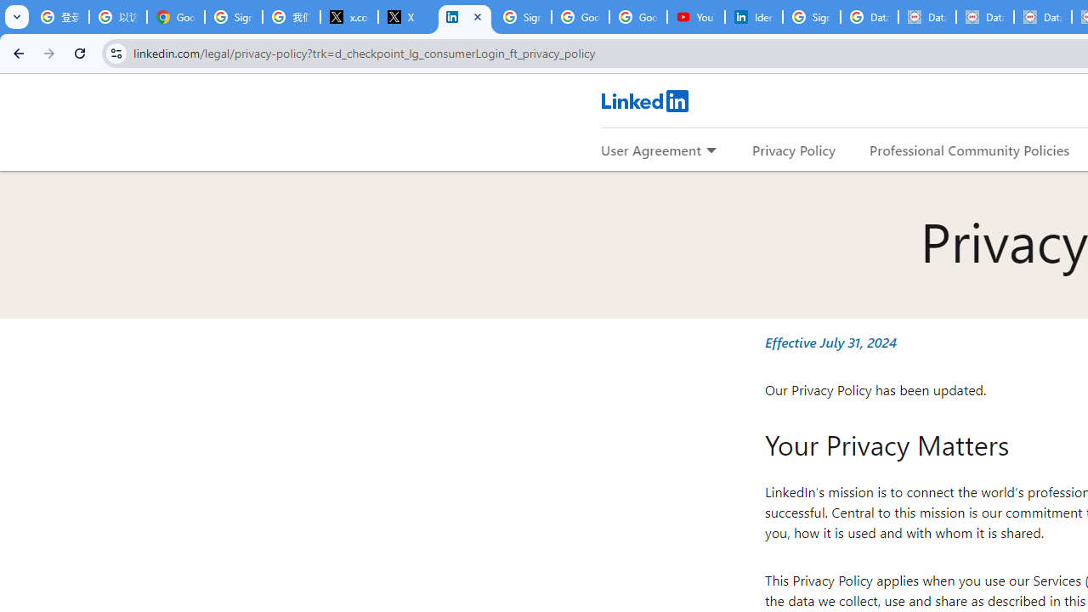  Describe the element at coordinates (406, 17) in the screenshot. I see `'X'` at that location.